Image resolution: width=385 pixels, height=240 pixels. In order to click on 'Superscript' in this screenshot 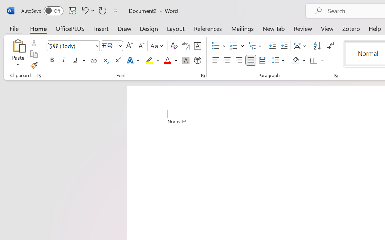, I will do `click(117, 60)`.